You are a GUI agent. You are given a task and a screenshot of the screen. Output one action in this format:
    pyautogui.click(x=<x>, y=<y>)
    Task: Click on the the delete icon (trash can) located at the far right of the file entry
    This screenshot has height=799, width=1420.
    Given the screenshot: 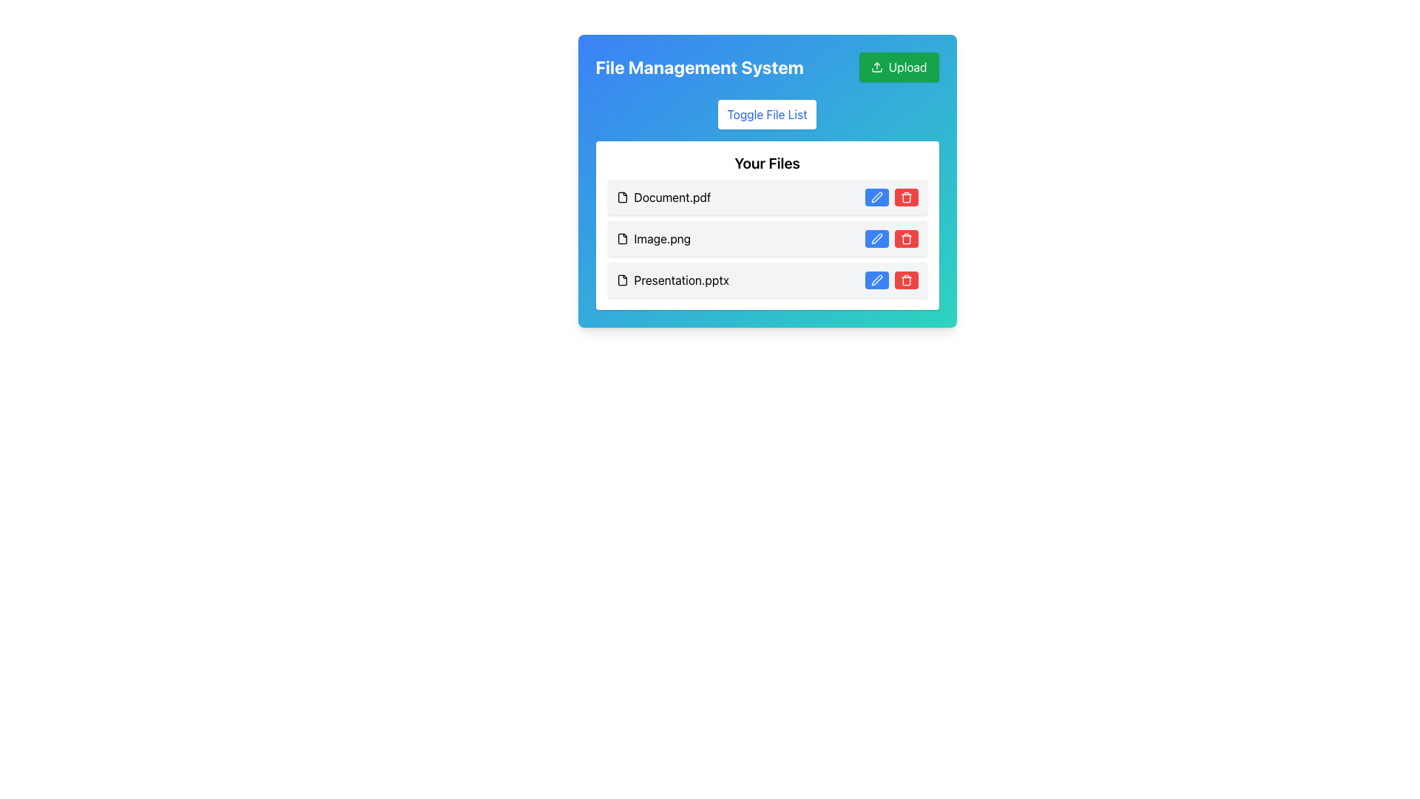 What is the action you would take?
    pyautogui.click(x=905, y=238)
    